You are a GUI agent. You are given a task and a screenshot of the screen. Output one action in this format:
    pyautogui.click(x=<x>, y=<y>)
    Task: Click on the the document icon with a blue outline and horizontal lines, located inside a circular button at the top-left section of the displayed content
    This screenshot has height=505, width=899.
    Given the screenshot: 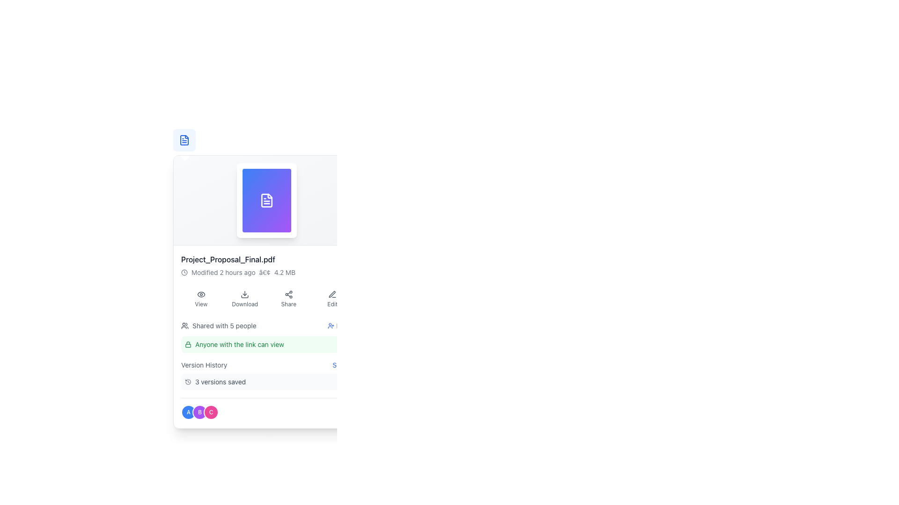 What is the action you would take?
    pyautogui.click(x=184, y=140)
    